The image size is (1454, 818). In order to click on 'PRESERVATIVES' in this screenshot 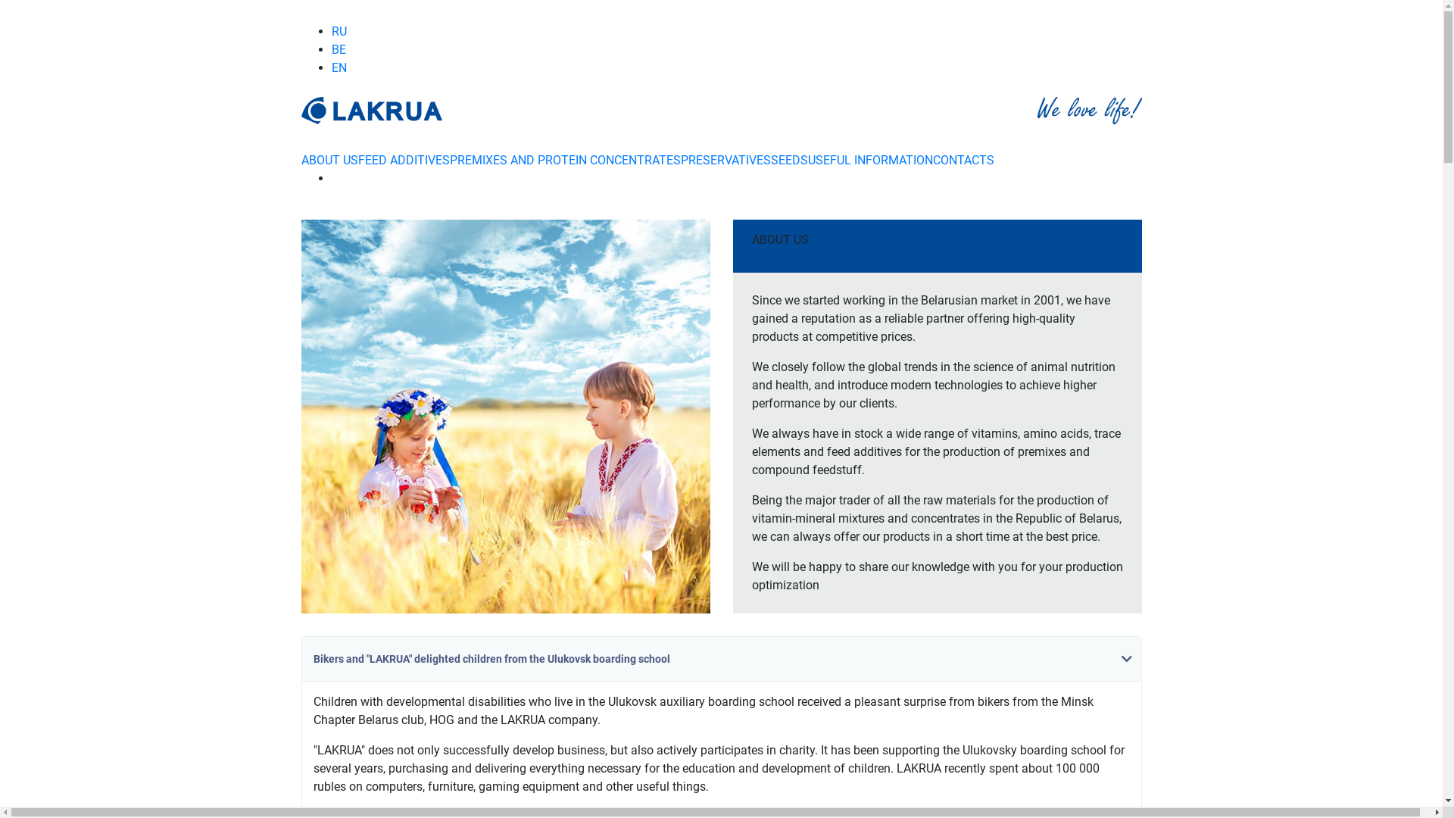, I will do `click(679, 160)`.